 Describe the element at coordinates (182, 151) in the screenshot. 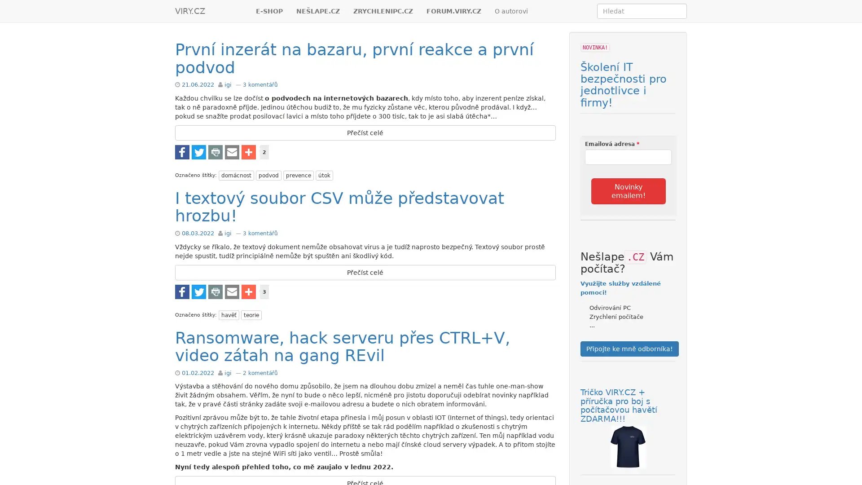

I see `Share to Facebook` at that location.